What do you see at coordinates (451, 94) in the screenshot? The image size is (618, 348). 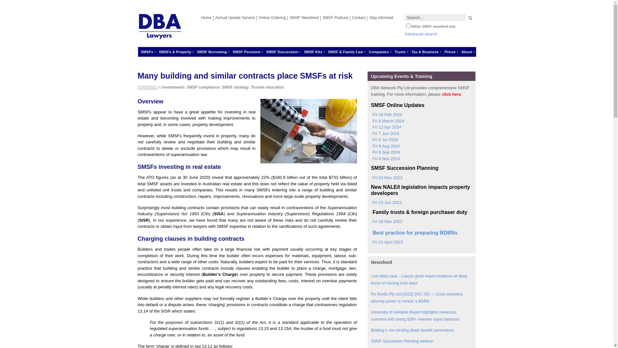 I see `'click here'` at bounding box center [451, 94].